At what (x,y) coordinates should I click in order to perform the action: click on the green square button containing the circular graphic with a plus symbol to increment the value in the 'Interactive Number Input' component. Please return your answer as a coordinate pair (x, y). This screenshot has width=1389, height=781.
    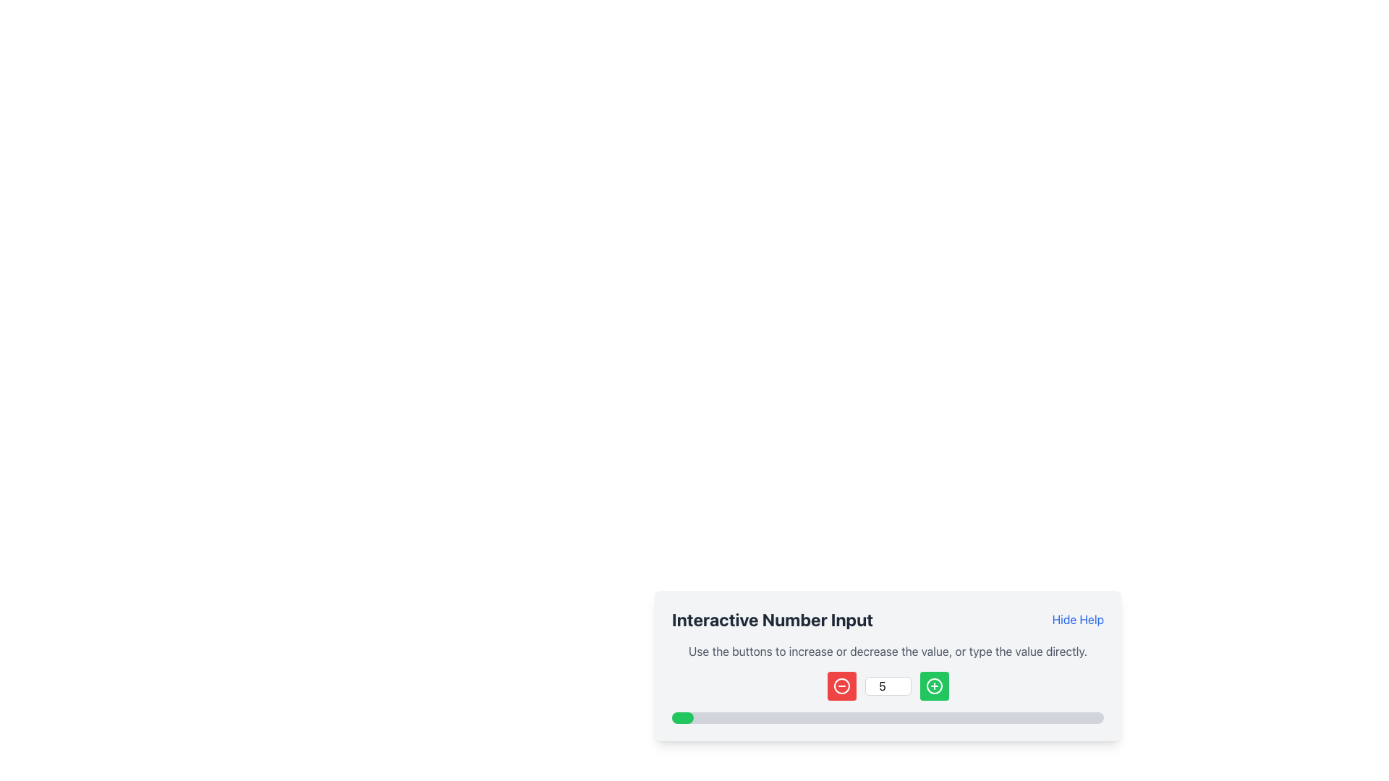
    Looking at the image, I should click on (934, 685).